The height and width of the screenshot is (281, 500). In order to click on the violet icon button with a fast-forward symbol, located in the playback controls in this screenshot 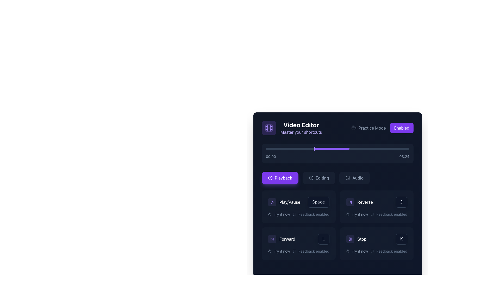, I will do `click(272, 239)`.